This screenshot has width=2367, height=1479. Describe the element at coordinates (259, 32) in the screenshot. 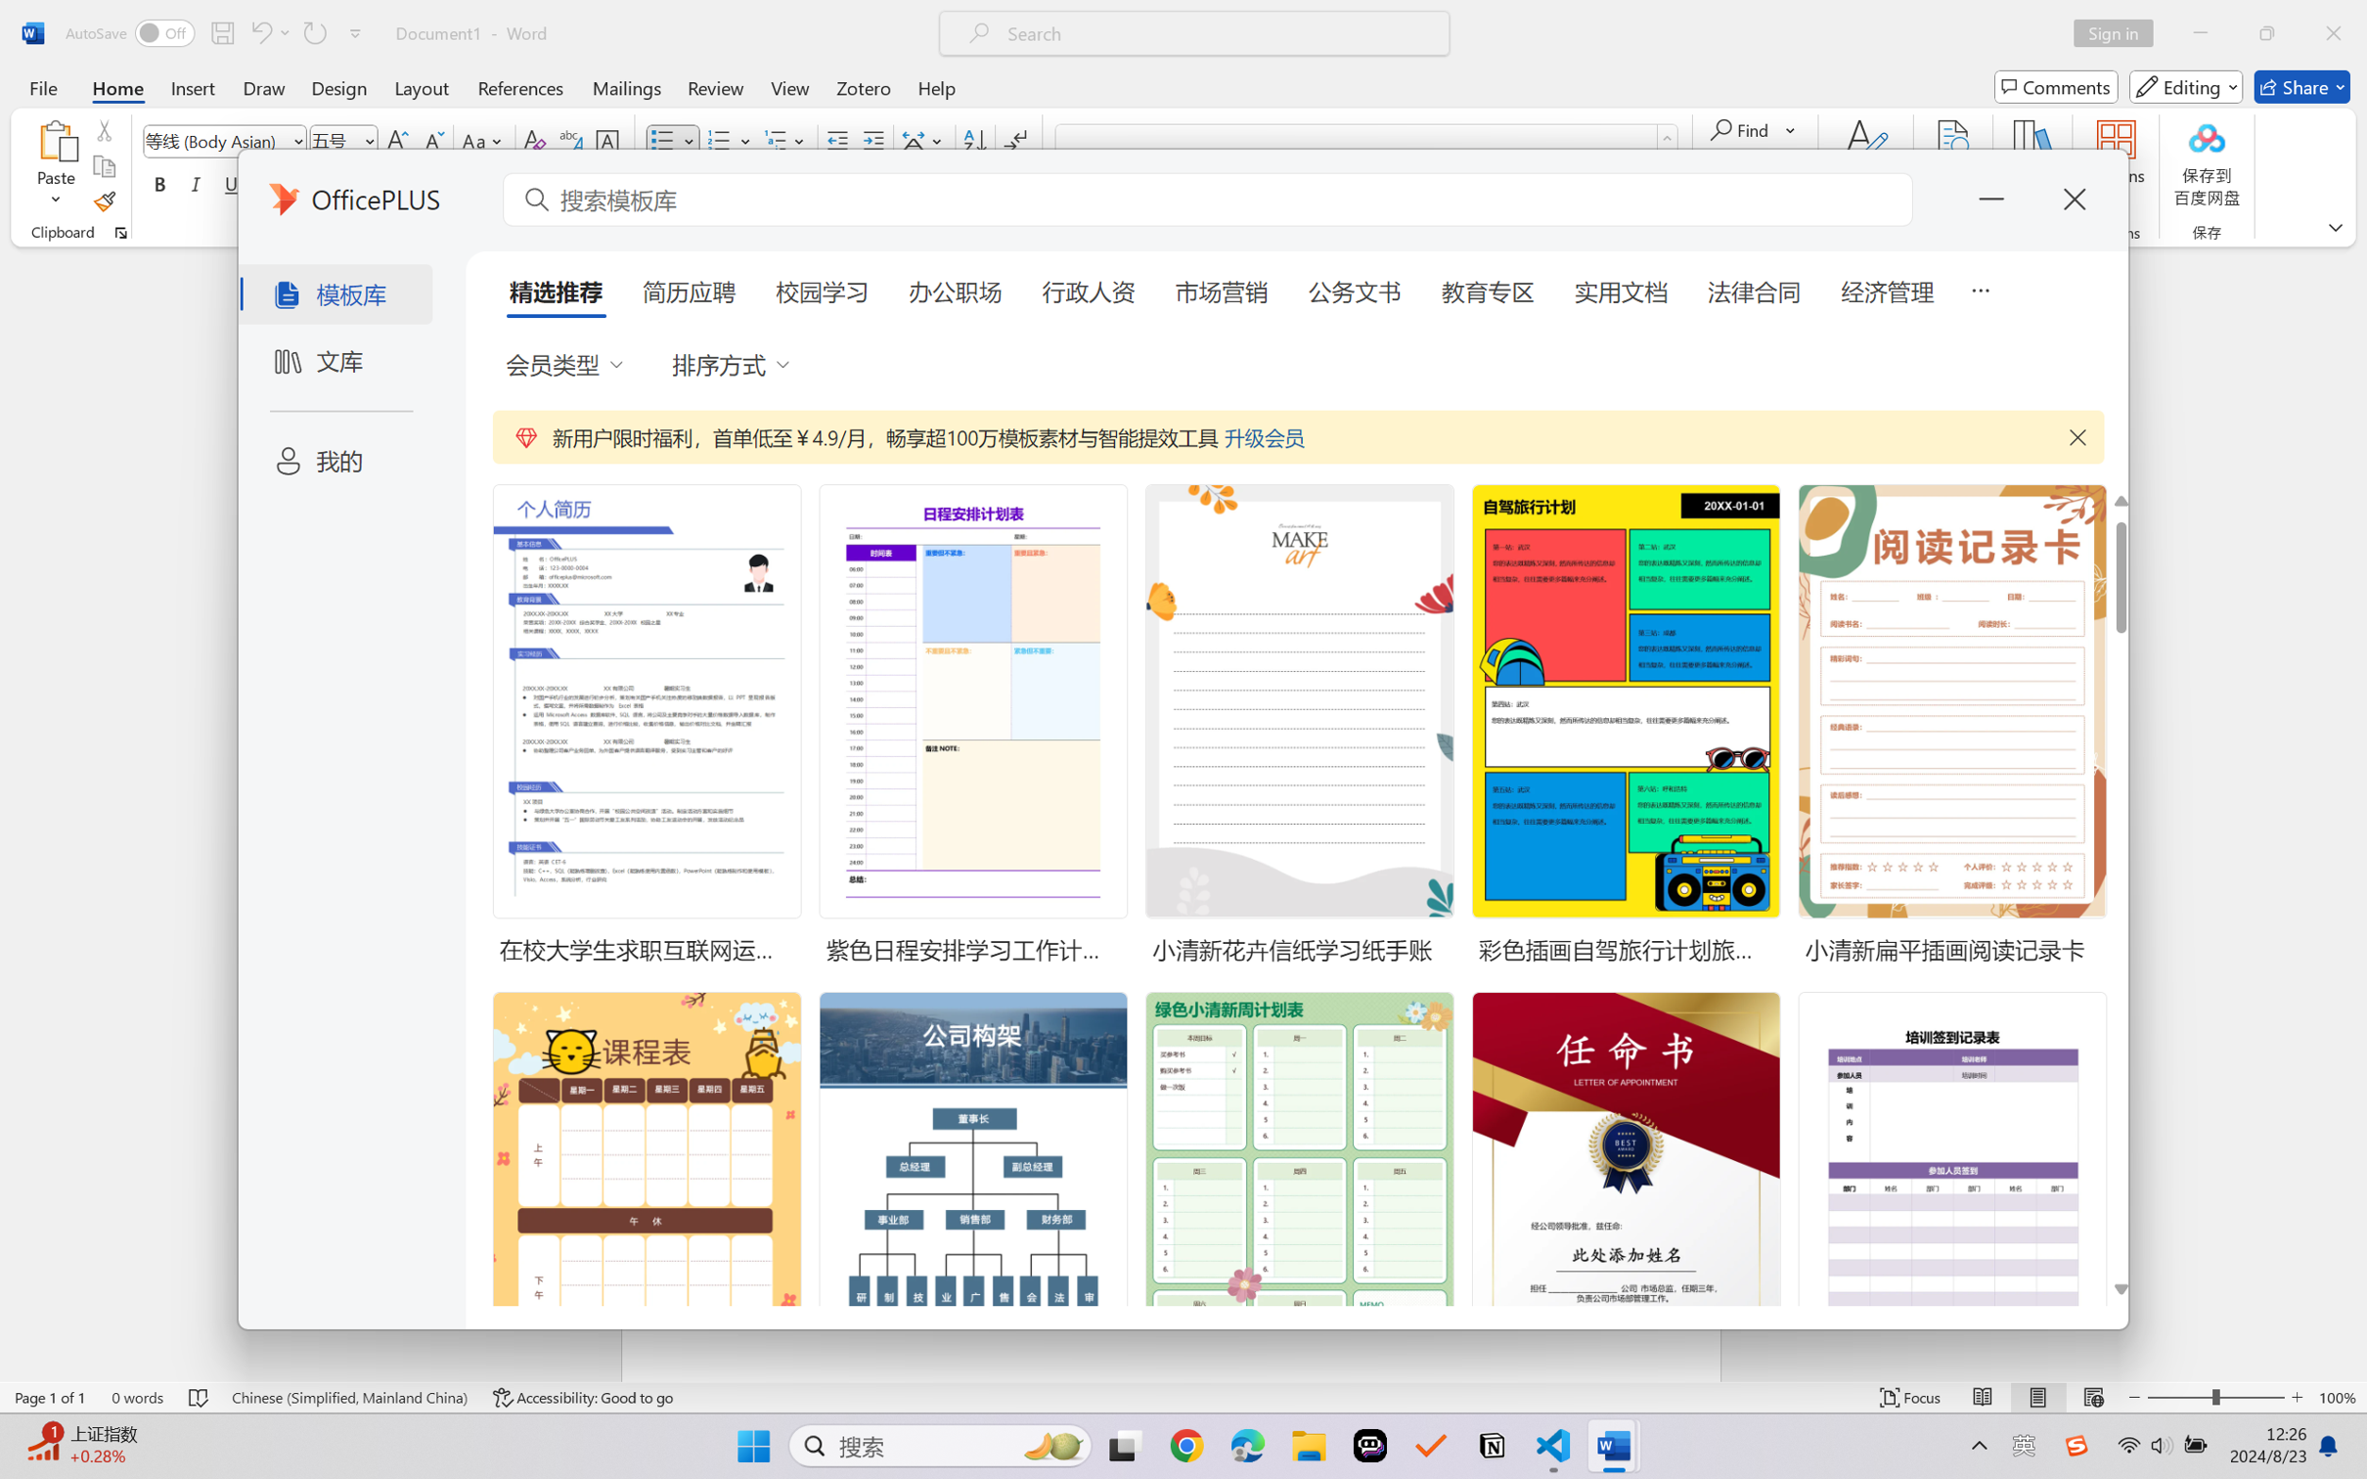

I see `'Undo Bullet Default'` at that location.